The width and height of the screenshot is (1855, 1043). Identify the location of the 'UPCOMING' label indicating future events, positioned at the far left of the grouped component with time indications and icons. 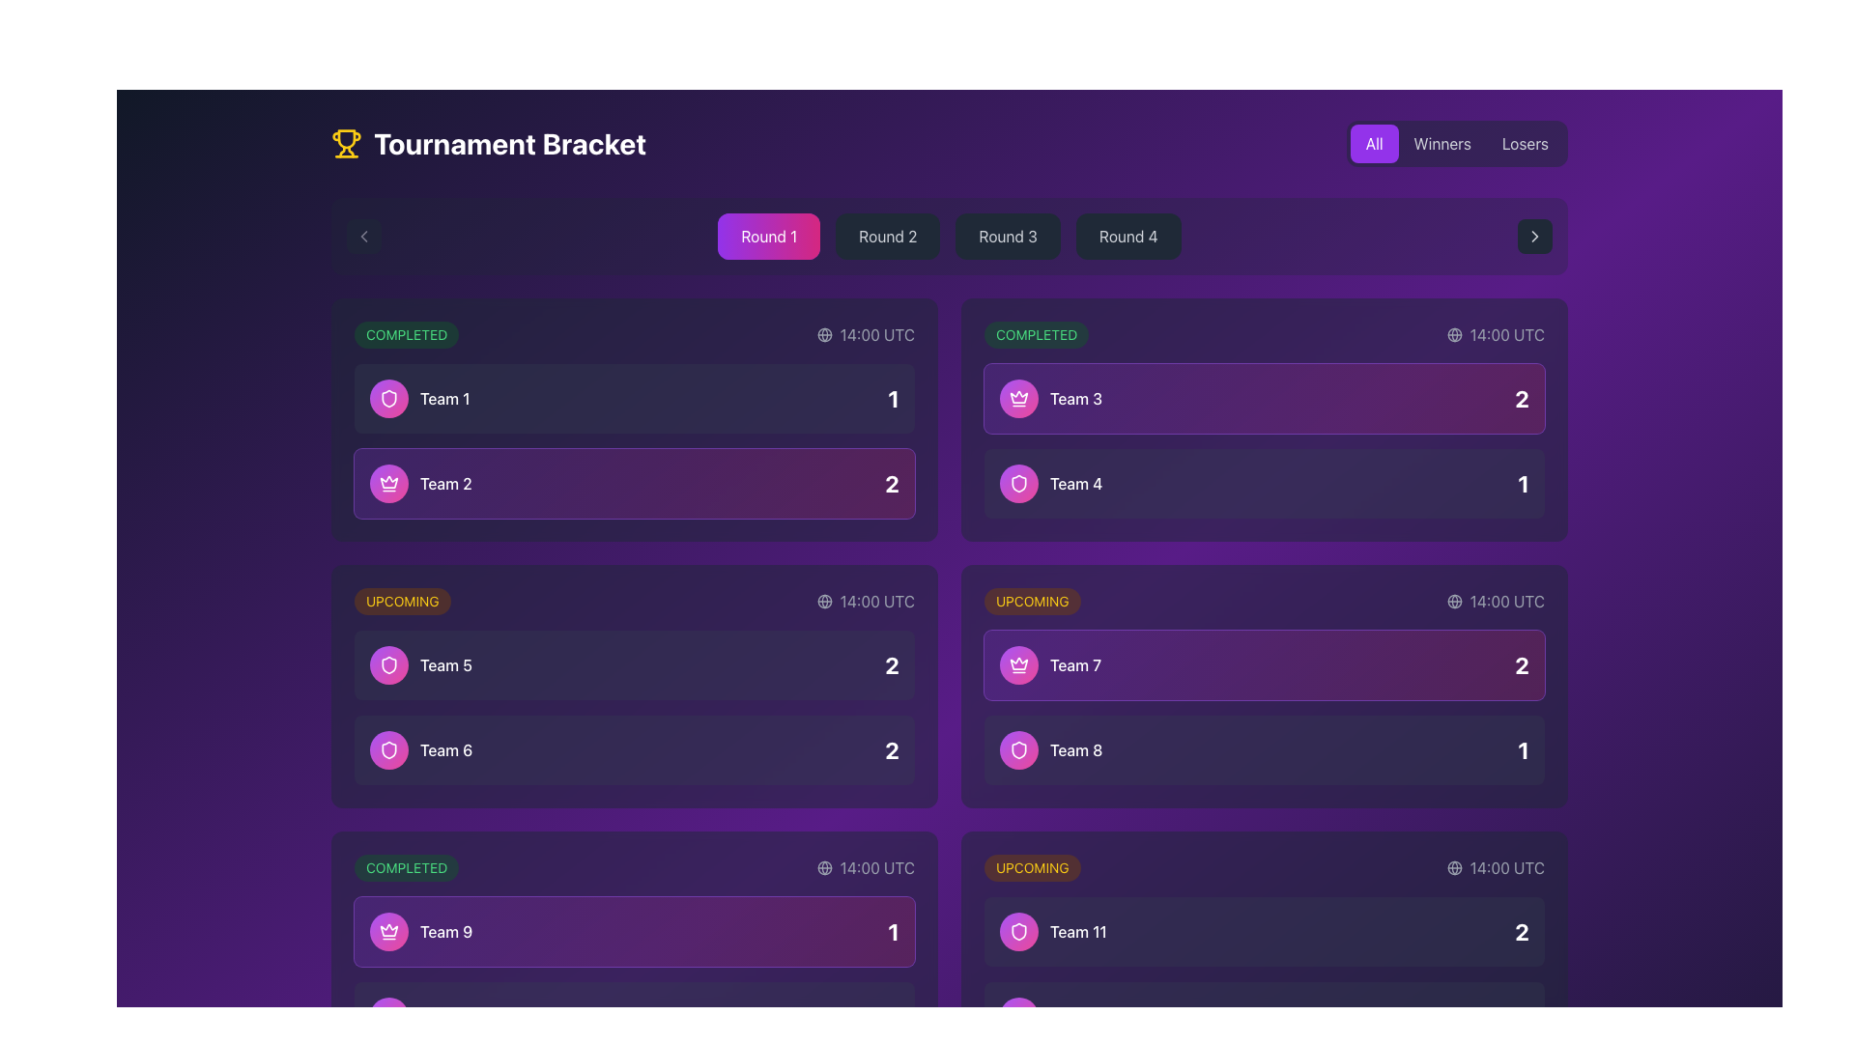
(1031, 601).